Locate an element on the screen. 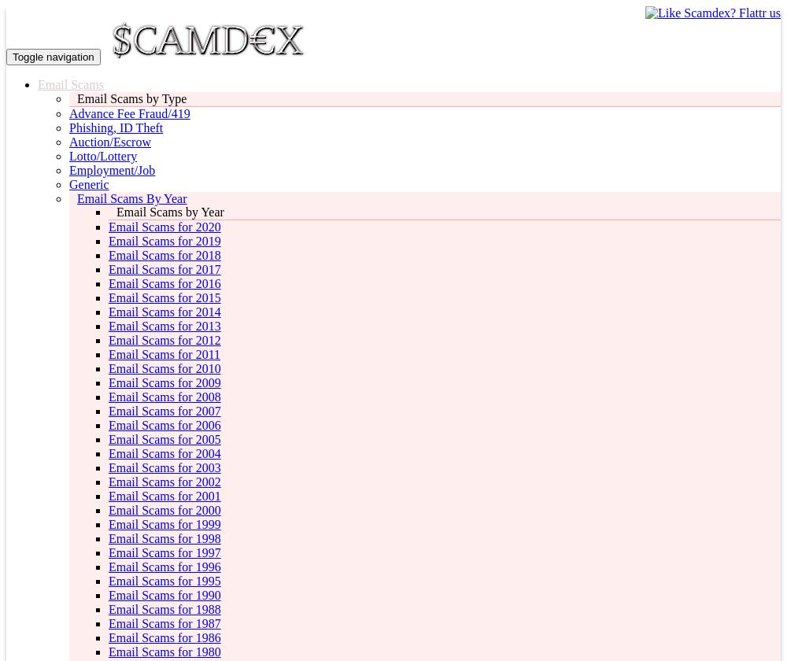 The width and height of the screenshot is (787, 661). 'Email Scams by Year' is located at coordinates (169, 212).